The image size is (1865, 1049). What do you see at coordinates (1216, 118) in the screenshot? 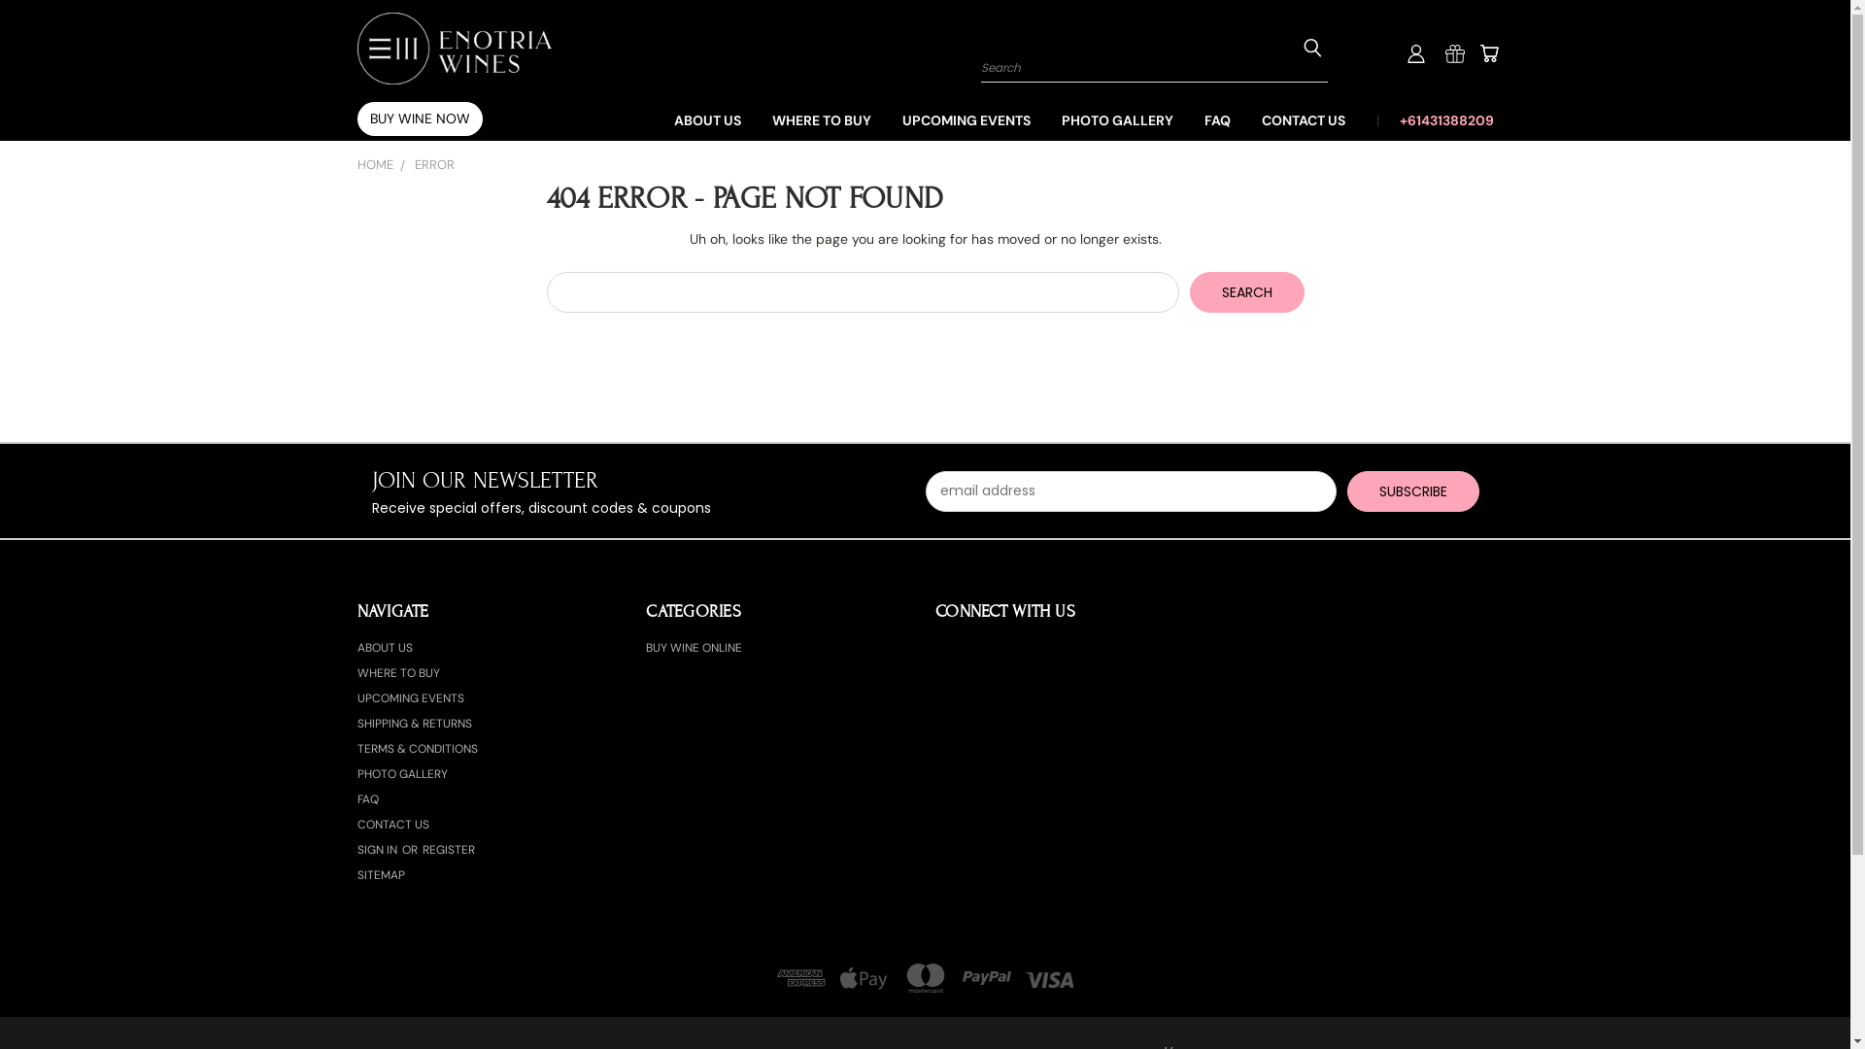
I see `'FAQ'` at bounding box center [1216, 118].